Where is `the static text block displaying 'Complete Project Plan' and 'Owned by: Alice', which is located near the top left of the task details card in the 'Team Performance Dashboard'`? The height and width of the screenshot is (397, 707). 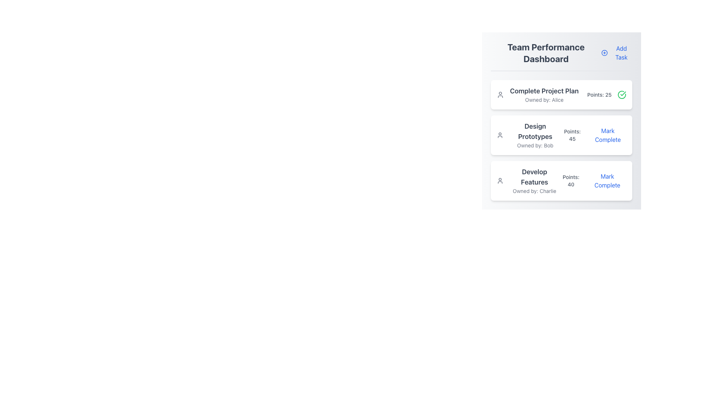 the static text block displaying 'Complete Project Plan' and 'Owned by: Alice', which is located near the top left of the task details card in the 'Team Performance Dashboard' is located at coordinates (544, 94).